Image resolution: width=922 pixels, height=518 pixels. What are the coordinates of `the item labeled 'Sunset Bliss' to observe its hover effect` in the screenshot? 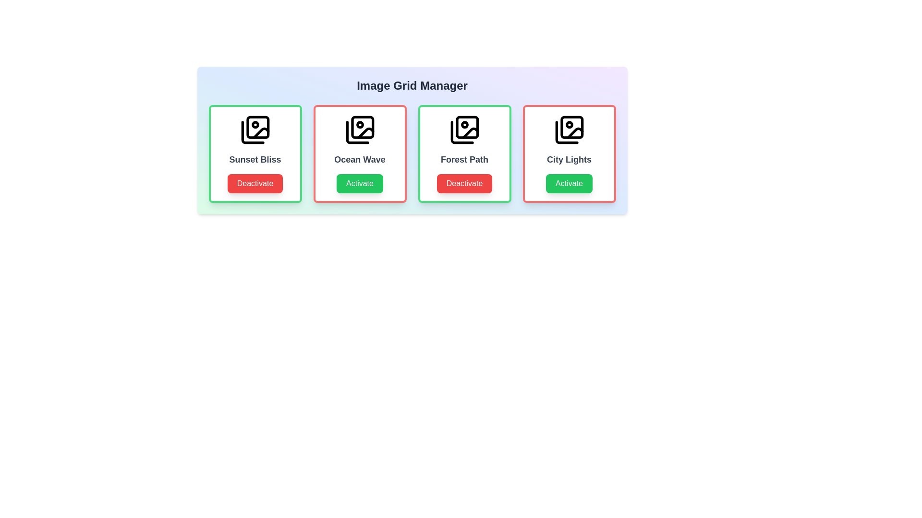 It's located at (255, 153).